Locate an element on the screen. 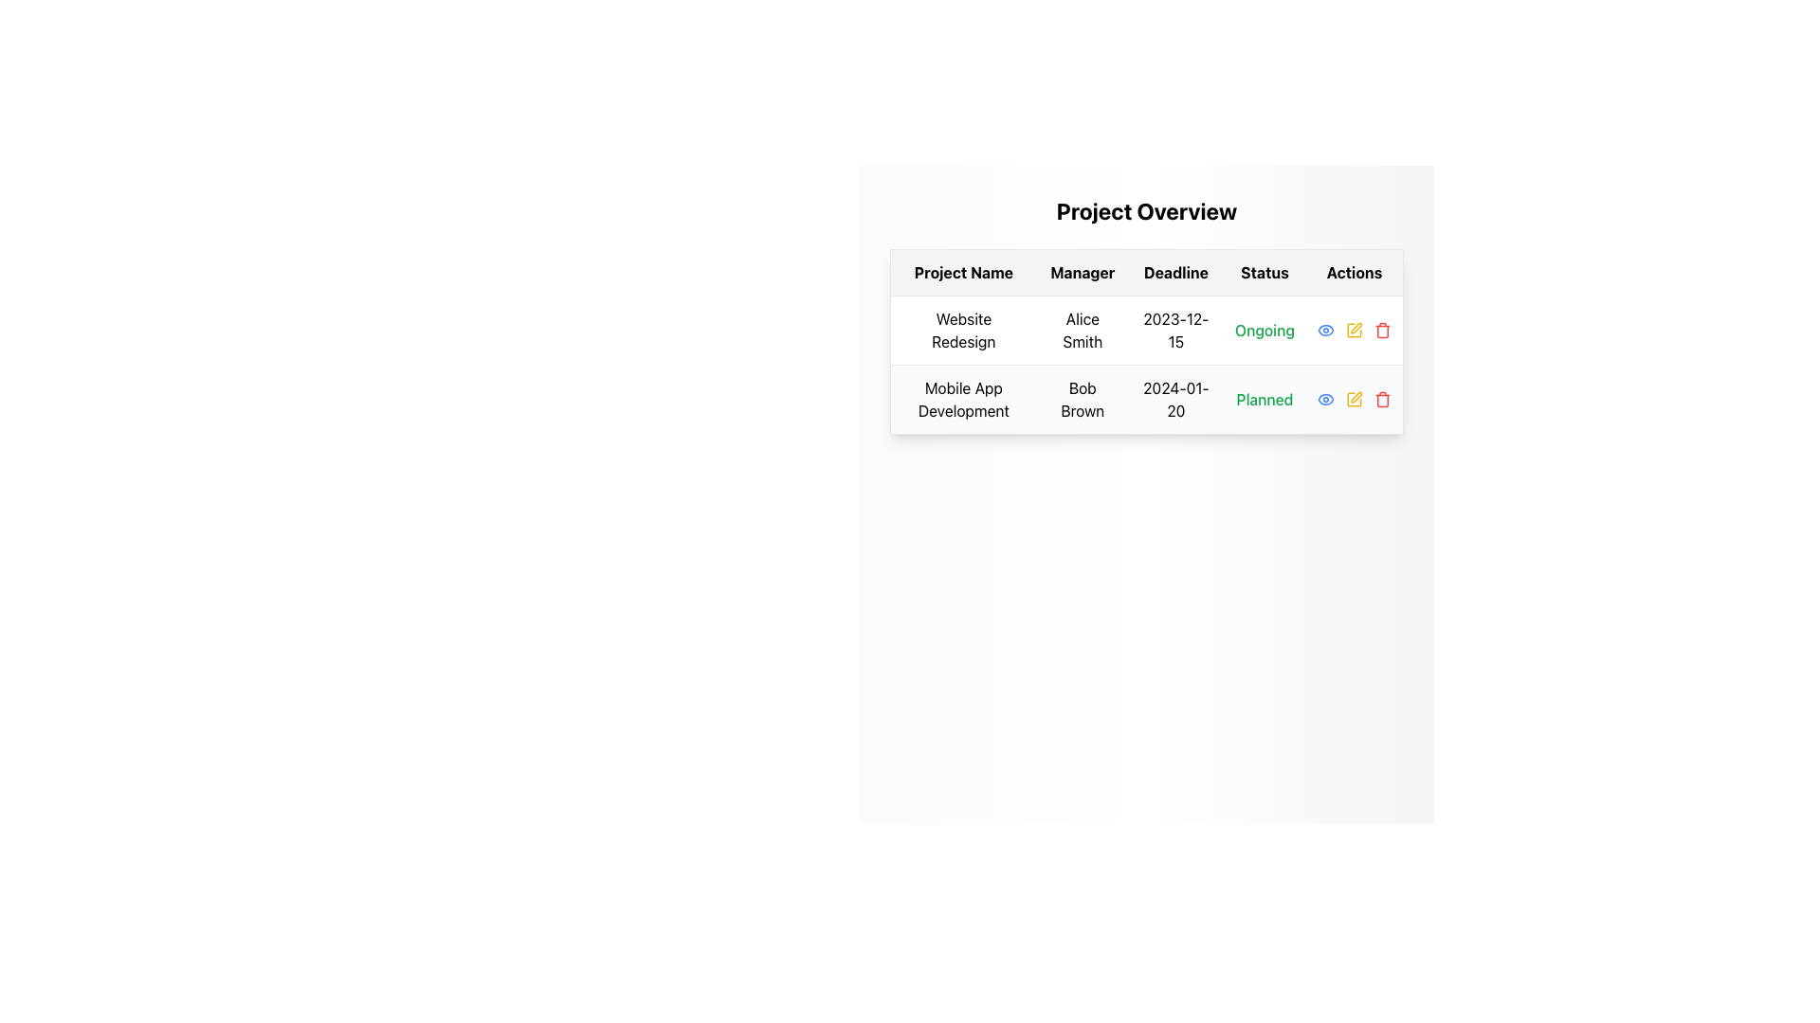 The height and width of the screenshot is (1023, 1820). the first row of the table under the 'Project Overview' heading is located at coordinates (1145, 329).